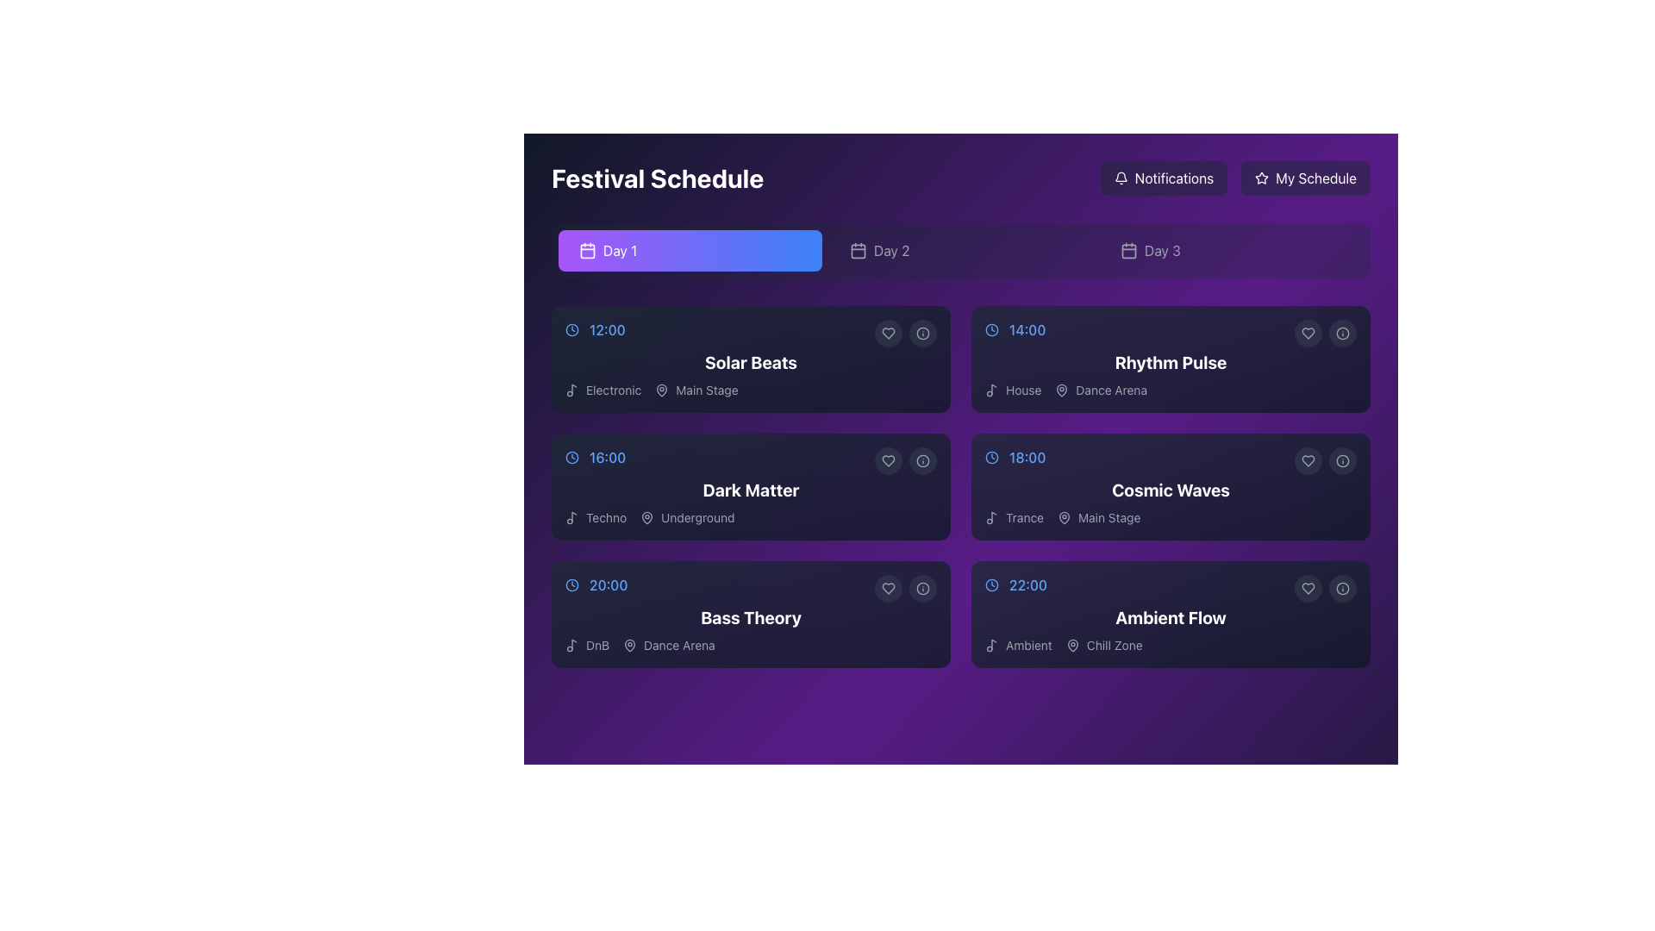  What do you see at coordinates (992, 584) in the screenshot?
I see `the time icon representing the event starting at '22:00', located in the rightmost slot of the last row of the schedule` at bounding box center [992, 584].